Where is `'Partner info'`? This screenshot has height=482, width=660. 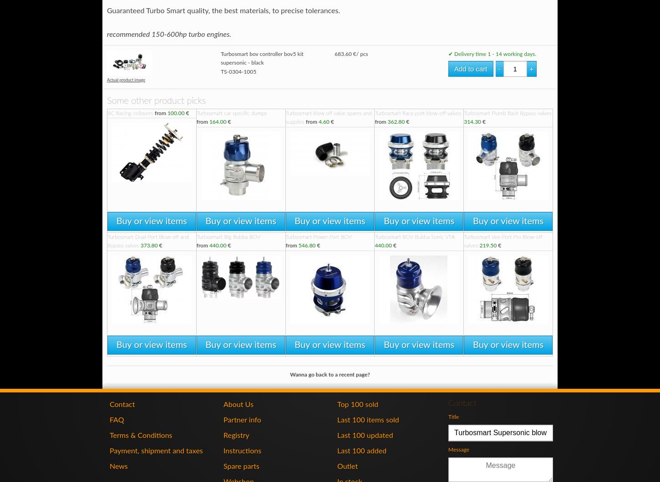 'Partner info' is located at coordinates (242, 420).